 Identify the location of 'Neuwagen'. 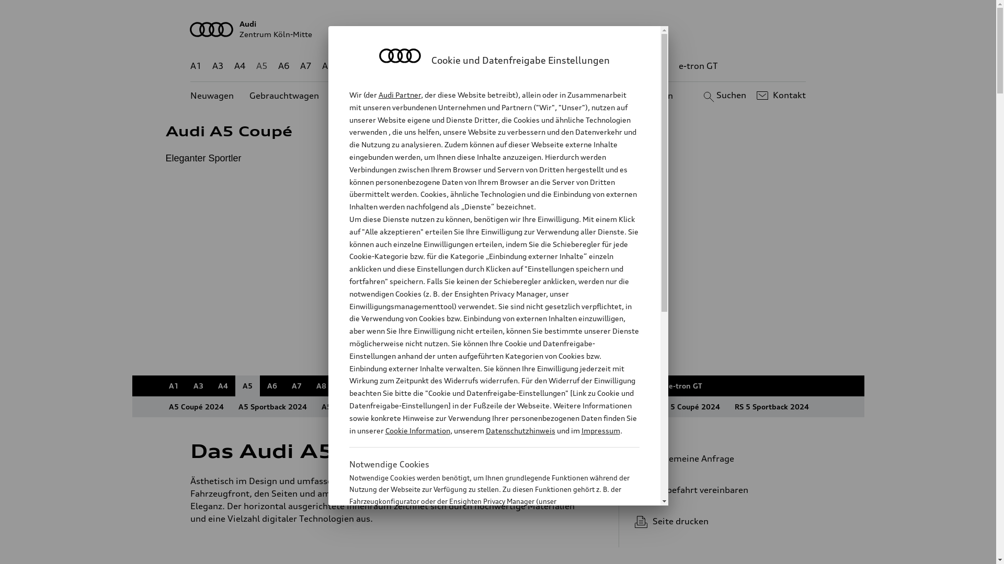
(190, 96).